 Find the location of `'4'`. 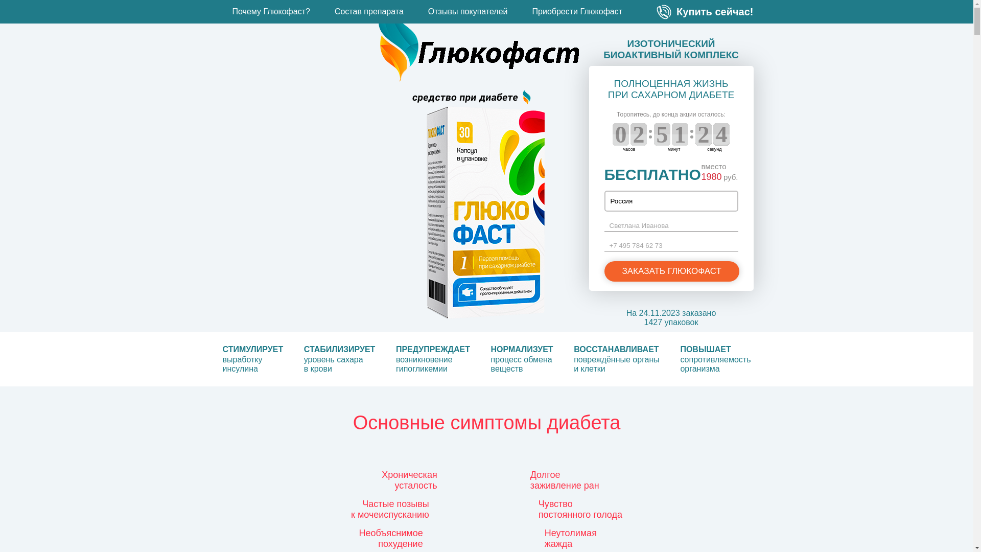

'4' is located at coordinates (703, 133).